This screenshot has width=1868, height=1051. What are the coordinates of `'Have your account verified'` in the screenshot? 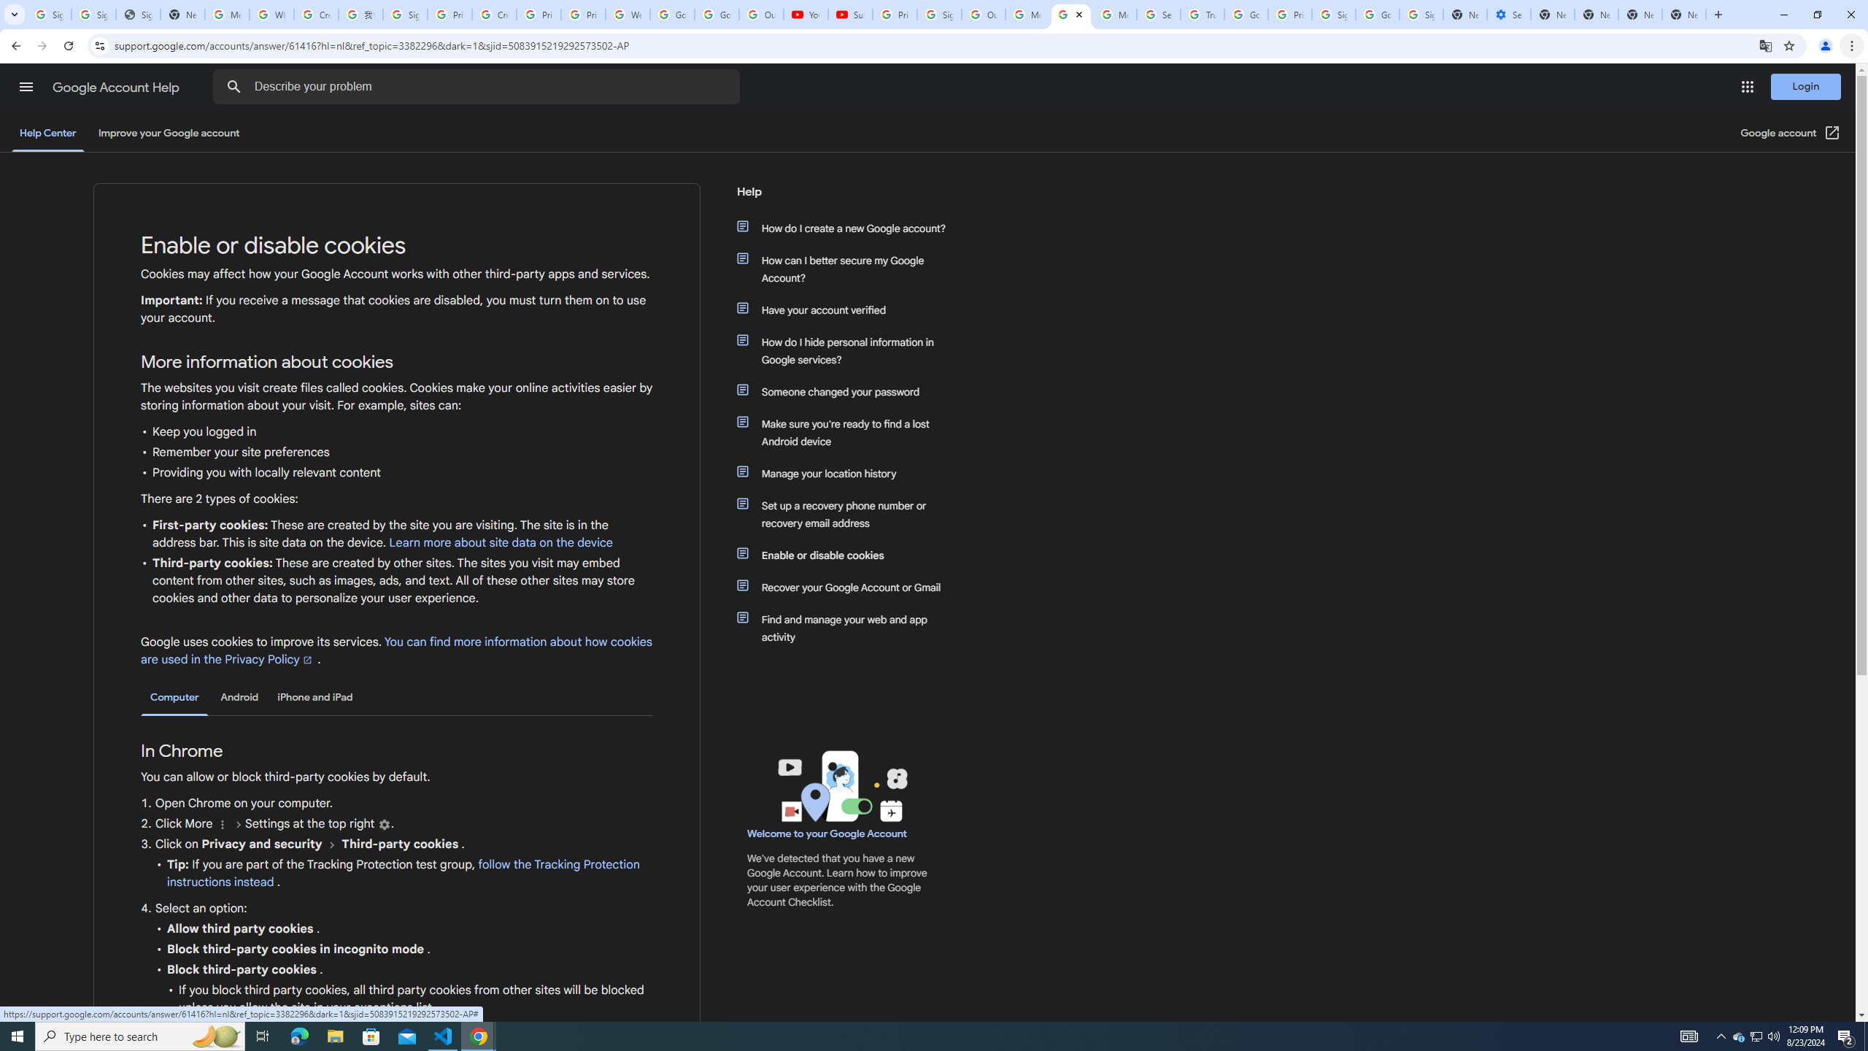 It's located at (848, 309).